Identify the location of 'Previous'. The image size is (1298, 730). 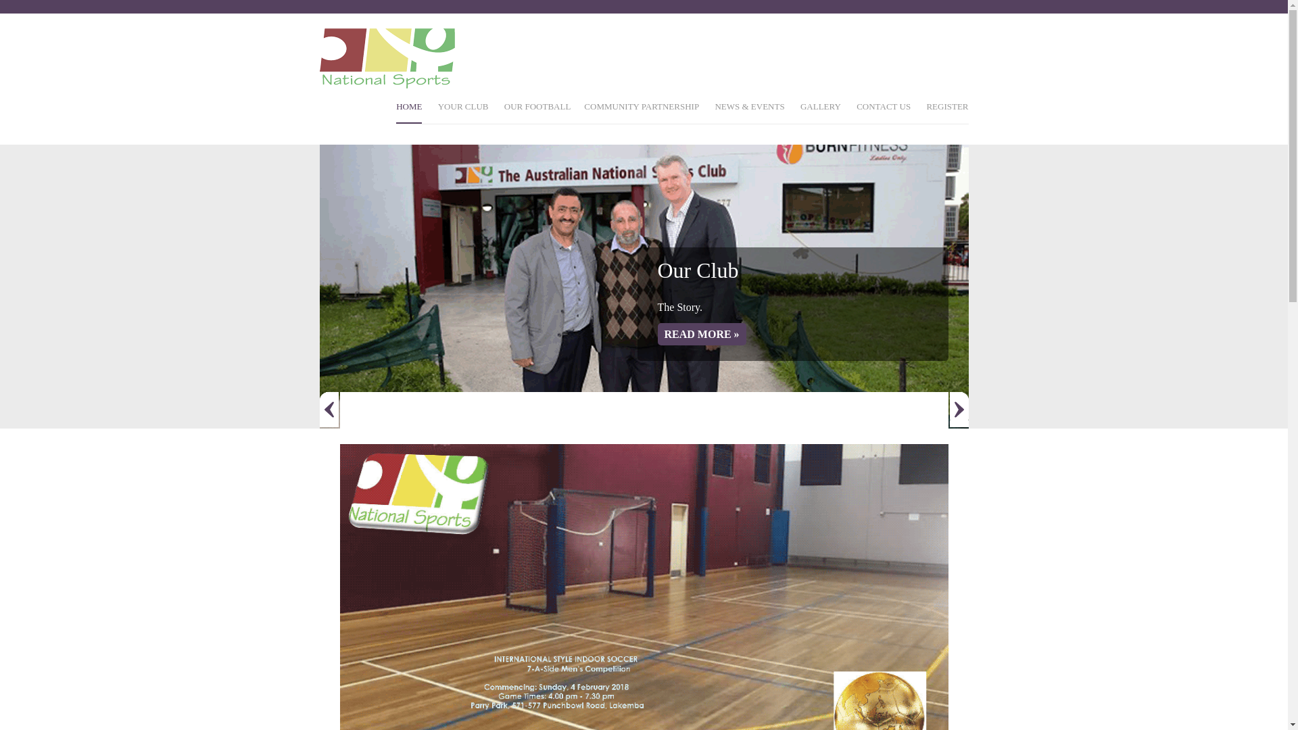
(328, 408).